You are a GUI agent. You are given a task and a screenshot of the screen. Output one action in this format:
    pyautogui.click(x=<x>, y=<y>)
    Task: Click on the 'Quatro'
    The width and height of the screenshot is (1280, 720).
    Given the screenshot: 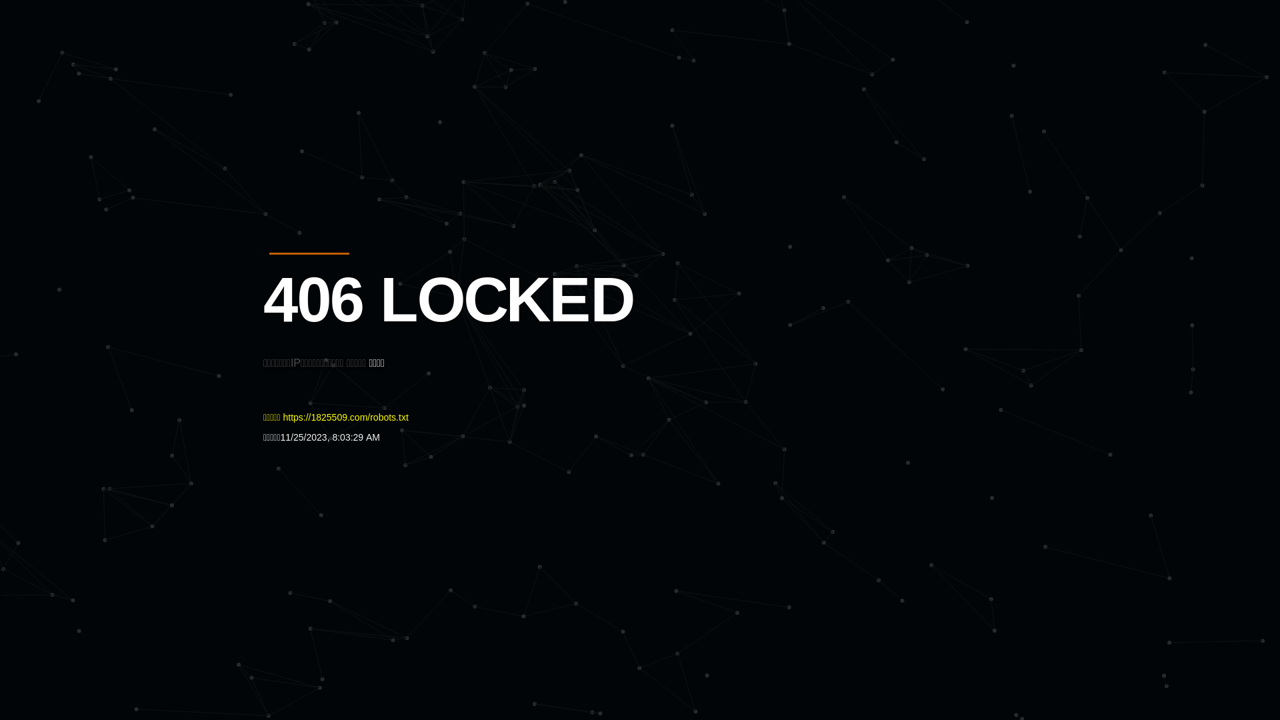 What is the action you would take?
    pyautogui.click(x=361, y=76)
    